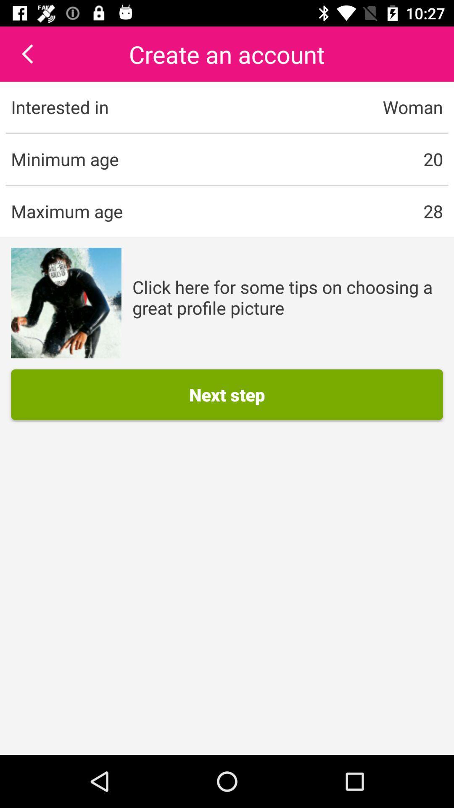 The width and height of the screenshot is (454, 808). Describe the element at coordinates (287, 297) in the screenshot. I see `the item above next step button` at that location.